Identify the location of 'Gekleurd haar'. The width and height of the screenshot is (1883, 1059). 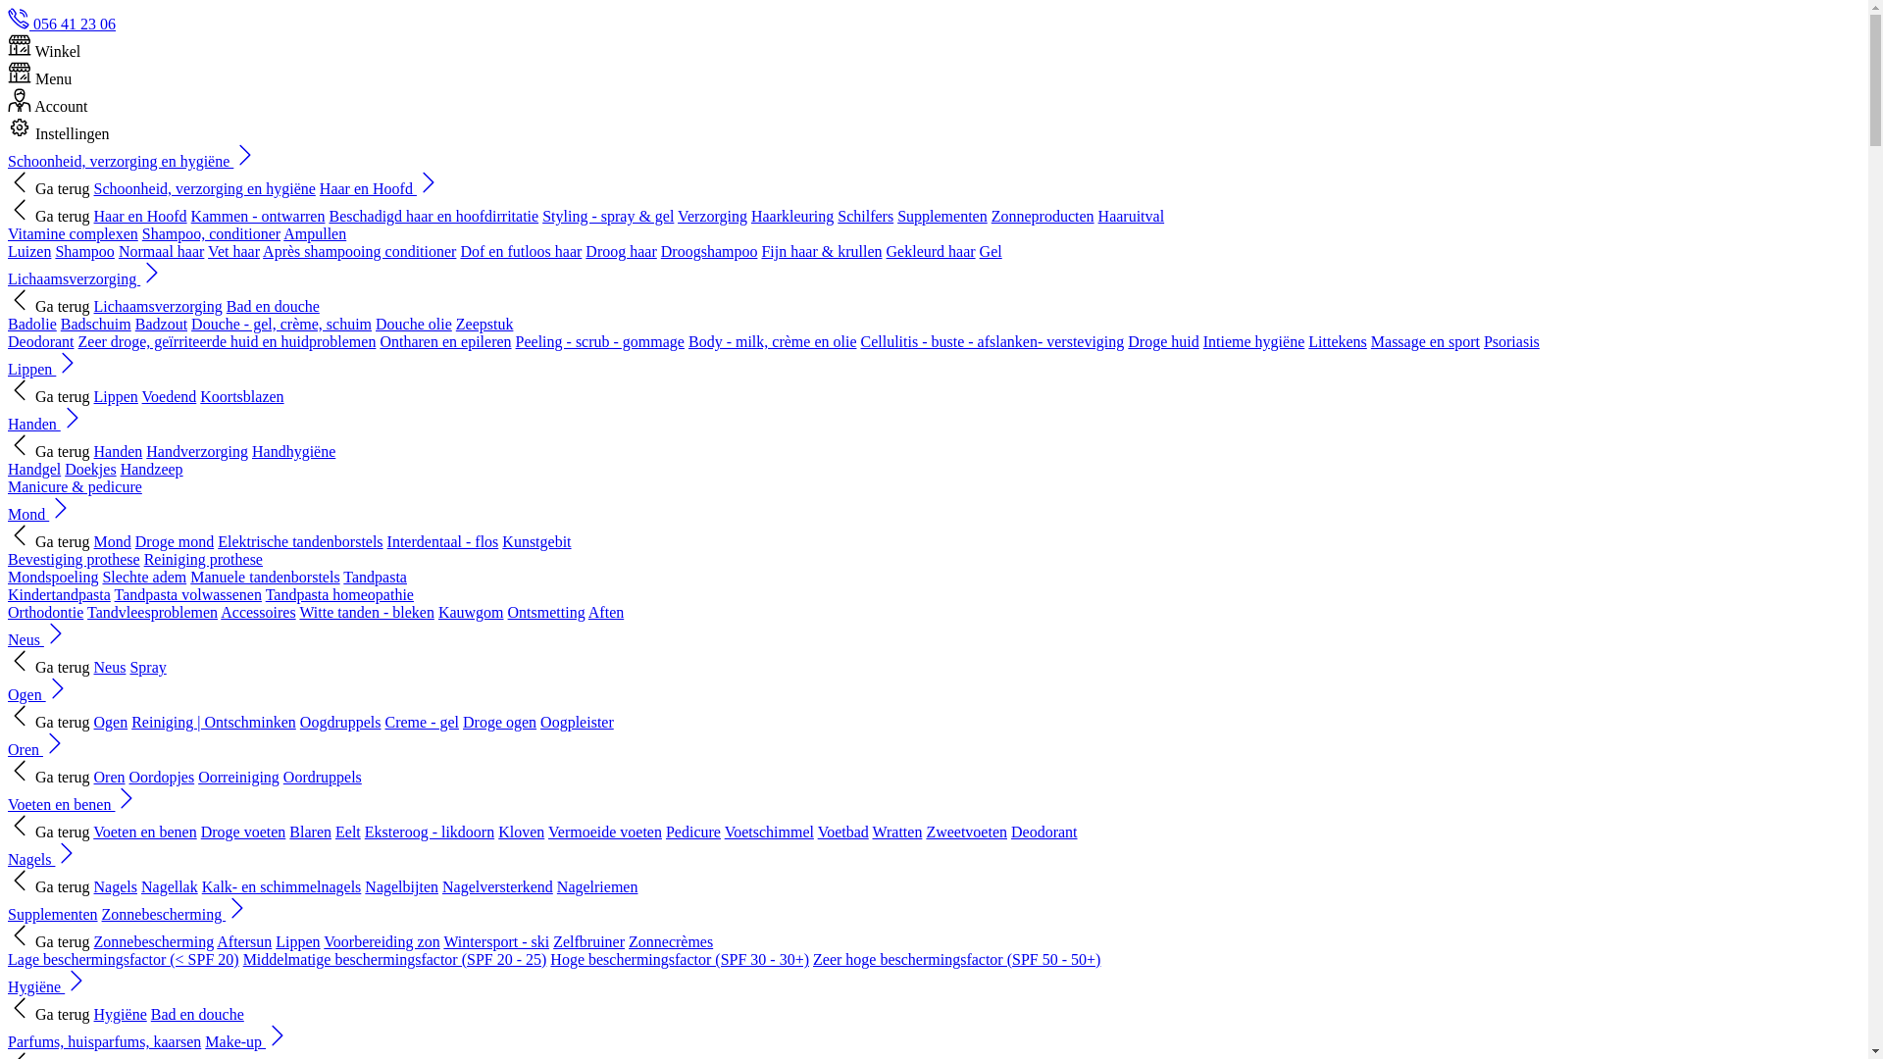
(930, 250).